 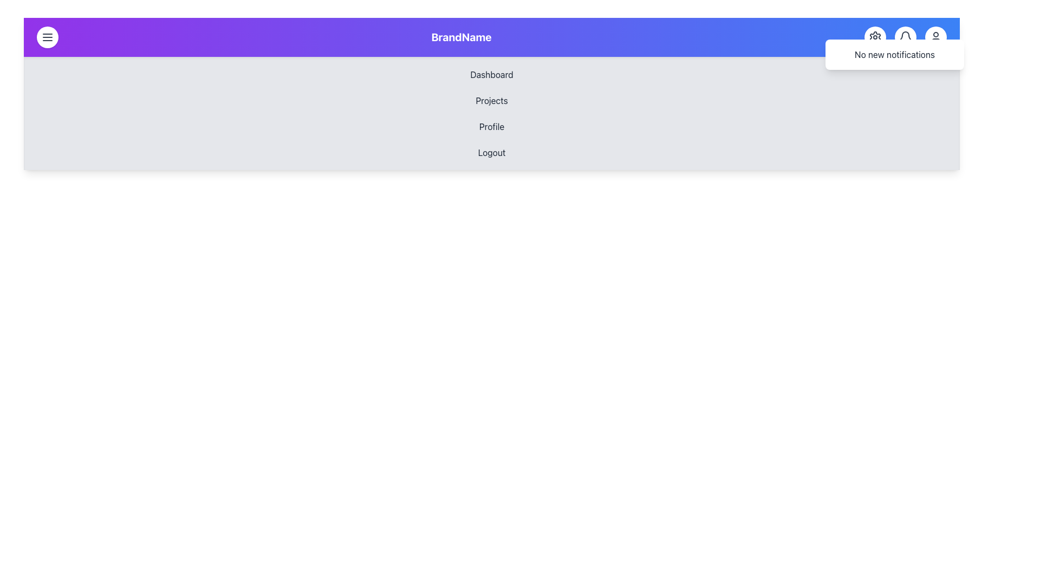 I want to click on the 'Dashboard' text label located at the top left of the vertical menu layout under the navigation bar, so click(x=491, y=74).